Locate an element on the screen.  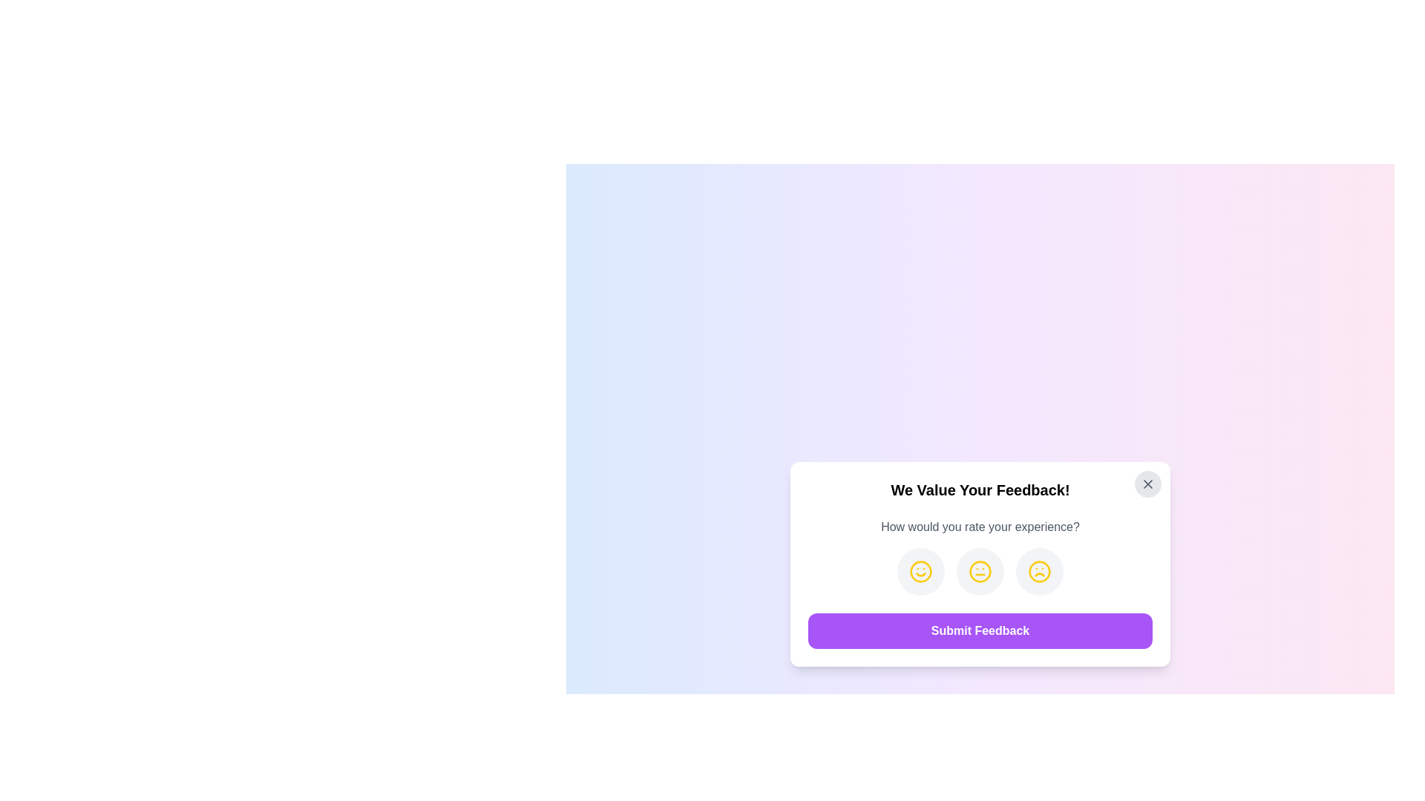
bold, large-sized heading text saying 'We Value Your Feedback!' which is center-aligned and located near the top of the modal dialog box is located at coordinates (980, 489).